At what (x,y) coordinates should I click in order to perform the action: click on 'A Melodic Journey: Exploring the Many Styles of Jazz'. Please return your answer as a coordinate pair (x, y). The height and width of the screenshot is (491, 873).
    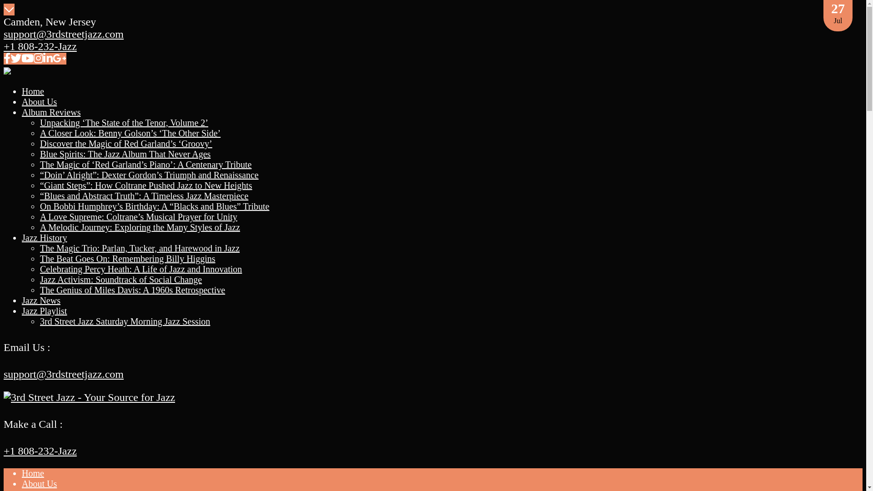
    Looking at the image, I should click on (139, 227).